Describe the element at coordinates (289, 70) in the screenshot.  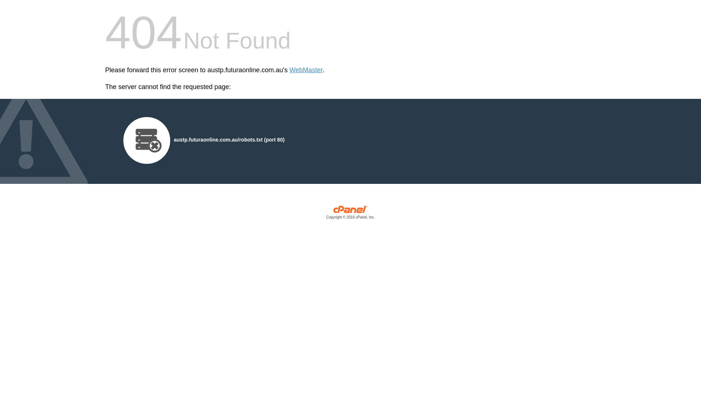
I see `'WebMaster'` at that location.